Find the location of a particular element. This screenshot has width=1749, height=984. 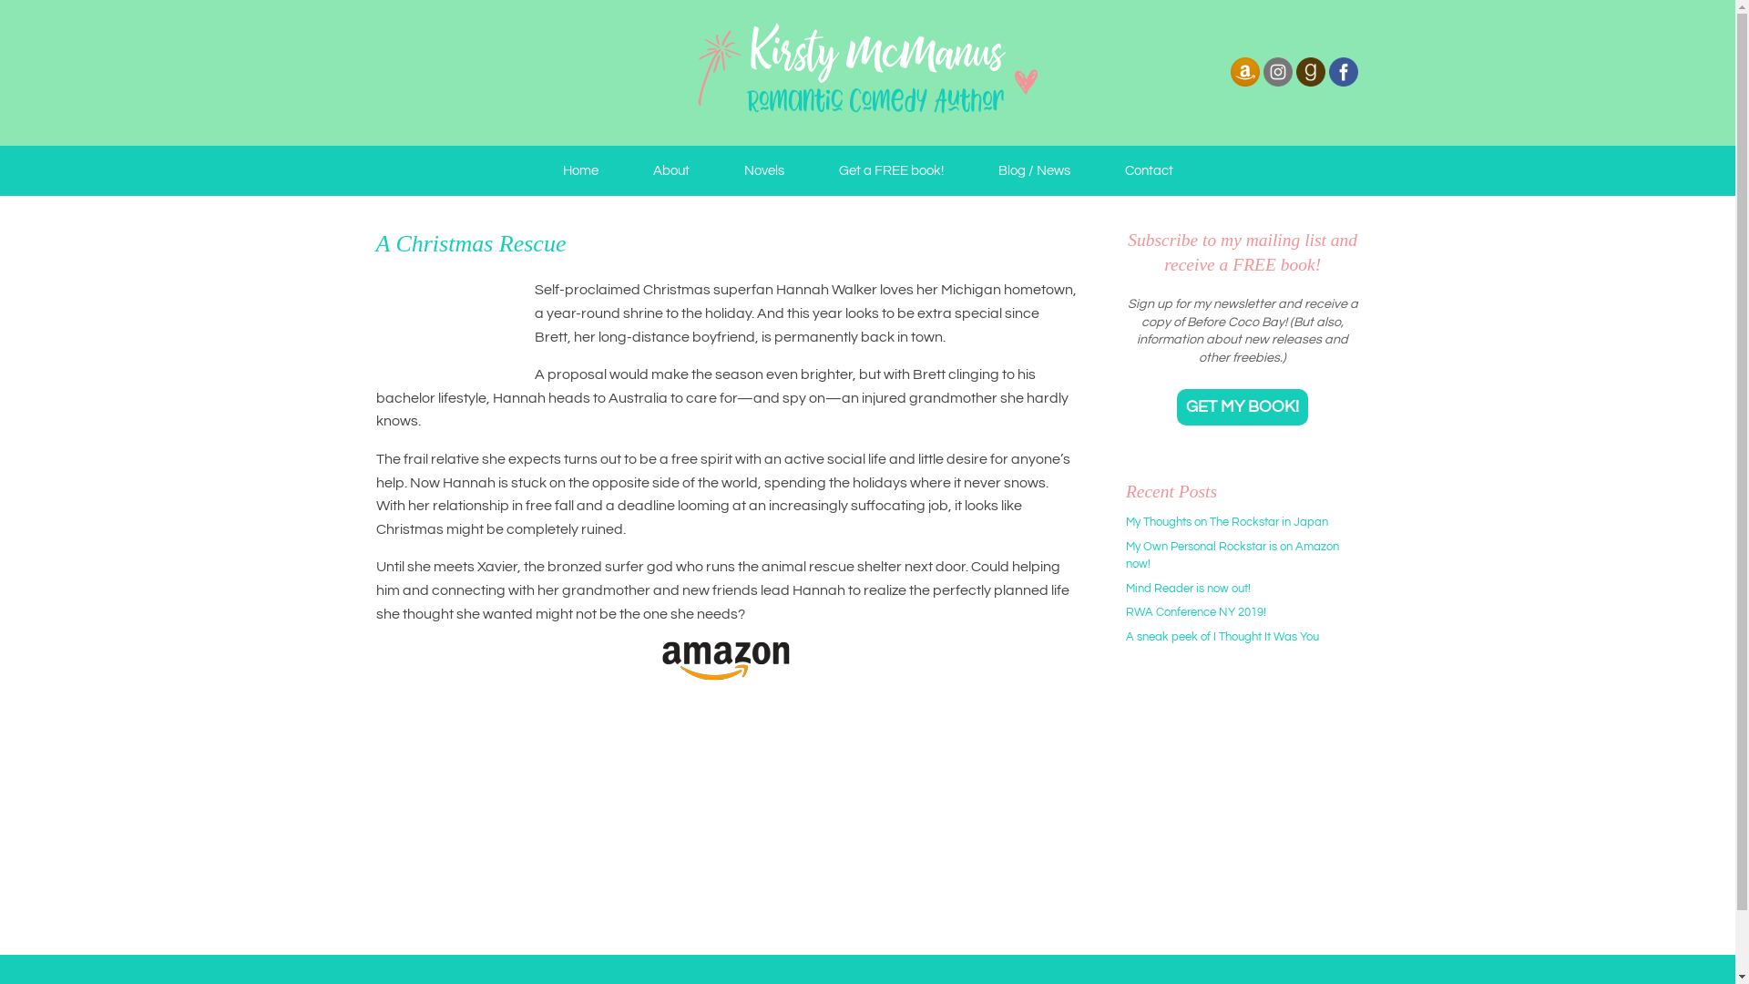

'My Own Personal Rockstar is on Amazon now!' is located at coordinates (1232, 554).